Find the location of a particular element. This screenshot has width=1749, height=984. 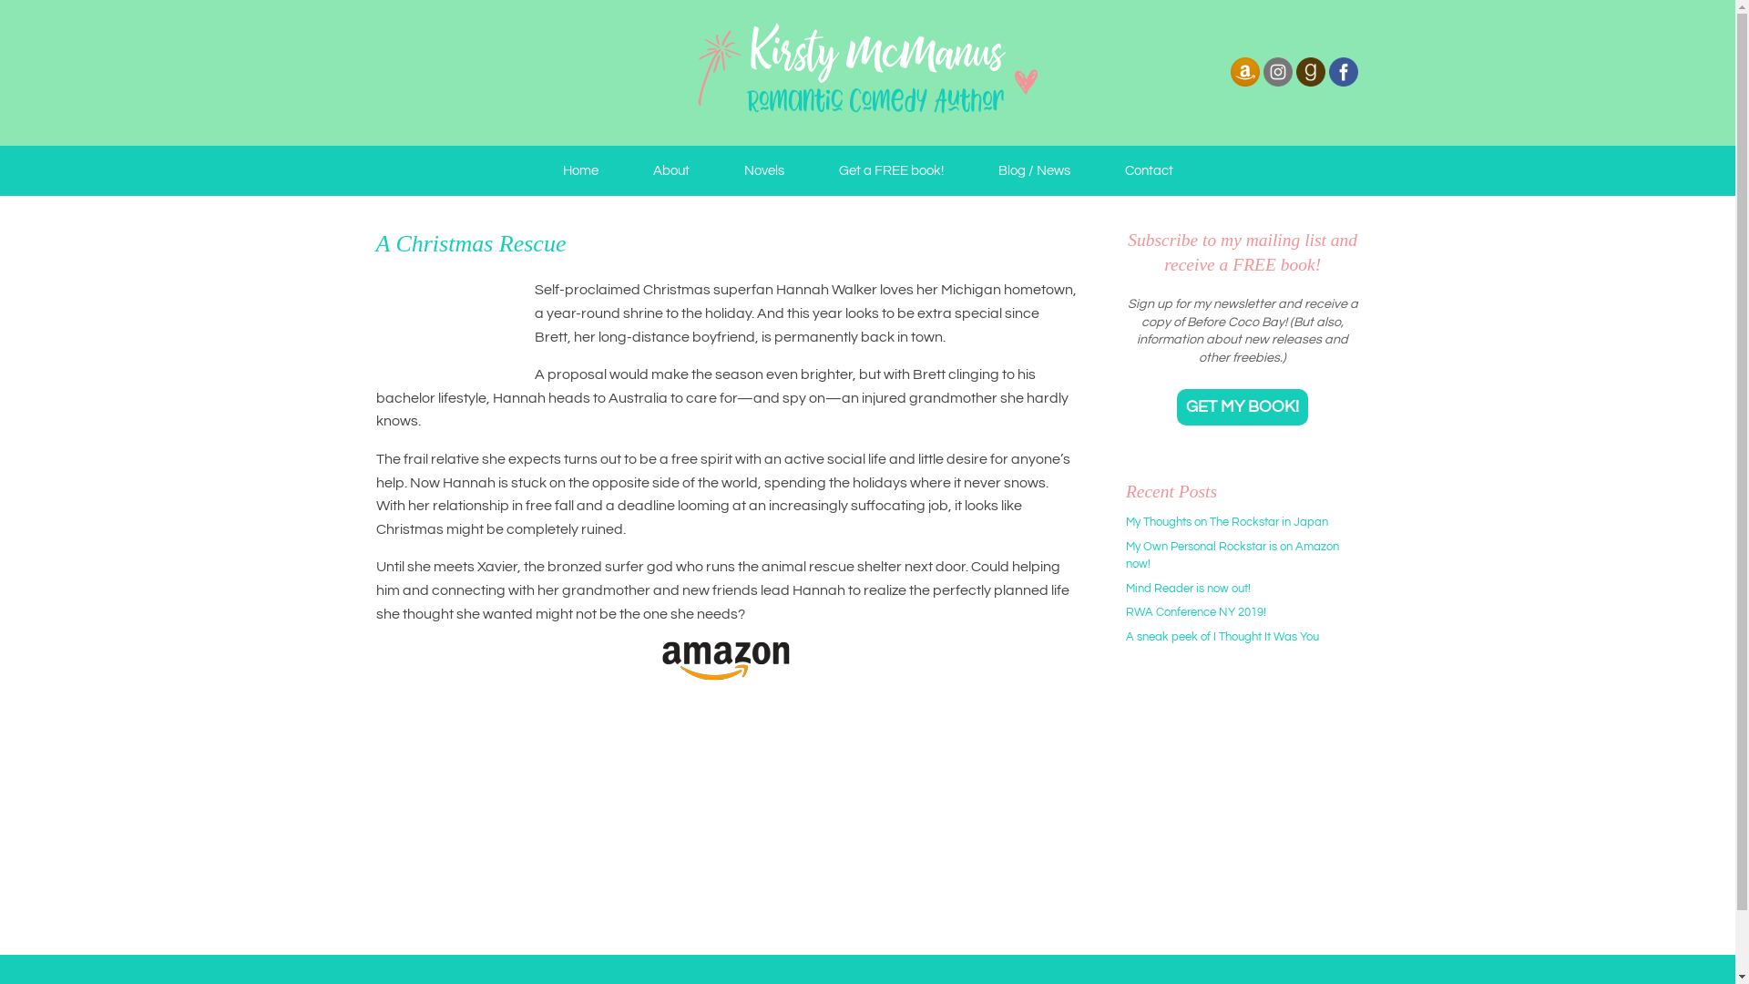

'My Own Personal Rockstar is on Amazon now!' is located at coordinates (1232, 554).